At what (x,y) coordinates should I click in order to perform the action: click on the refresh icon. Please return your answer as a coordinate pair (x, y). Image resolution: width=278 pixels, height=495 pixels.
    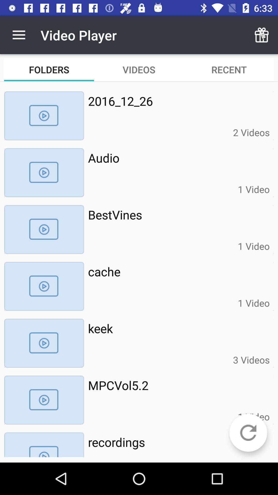
    Looking at the image, I should click on (248, 433).